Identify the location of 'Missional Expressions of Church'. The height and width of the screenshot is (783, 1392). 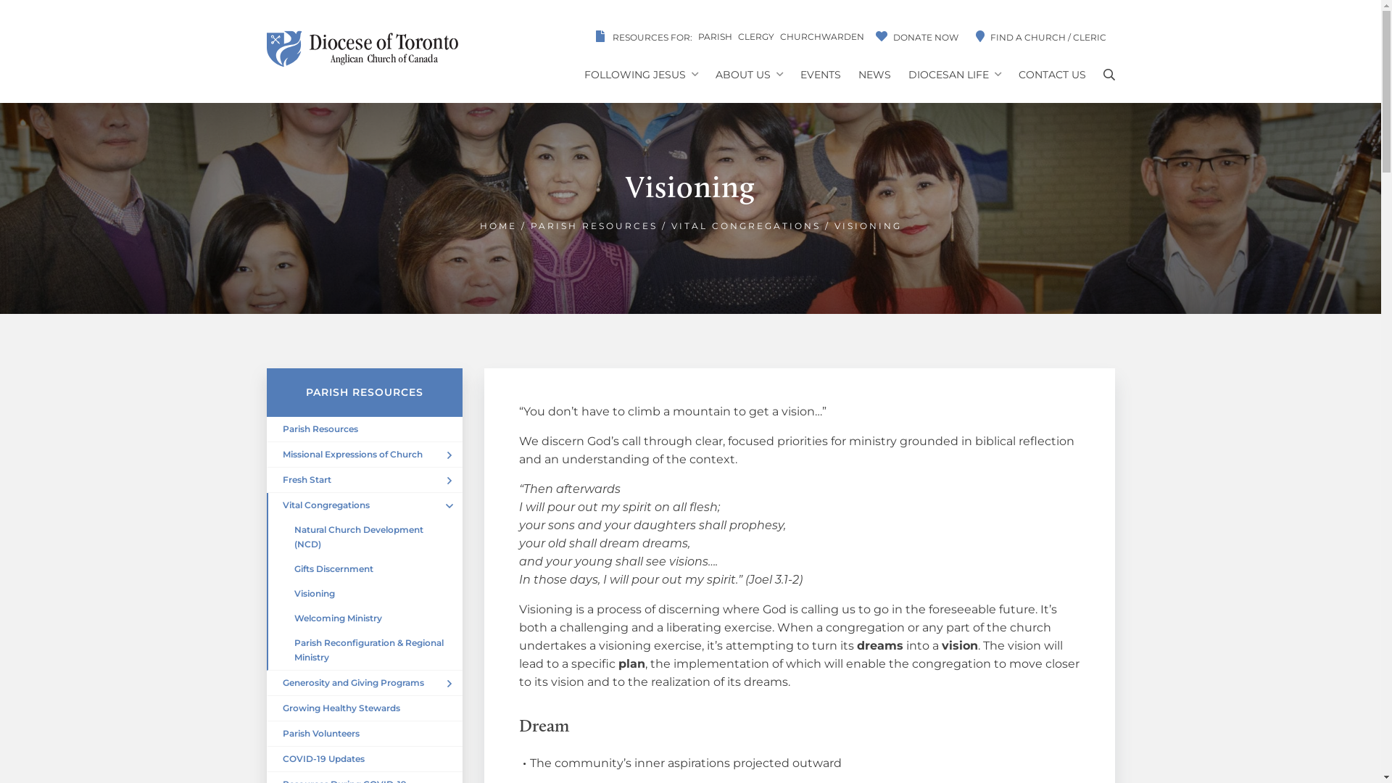
(365, 454).